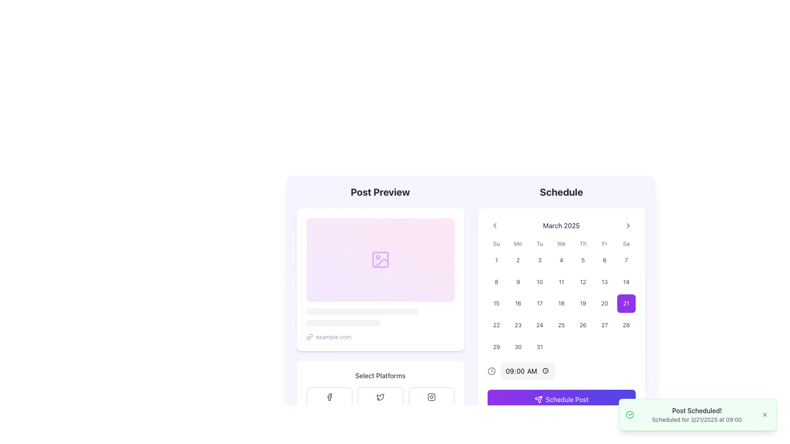  Describe the element at coordinates (626, 303) in the screenshot. I see `the button representing the 21st day in the calendar for date selection using keyboard navigation` at that location.